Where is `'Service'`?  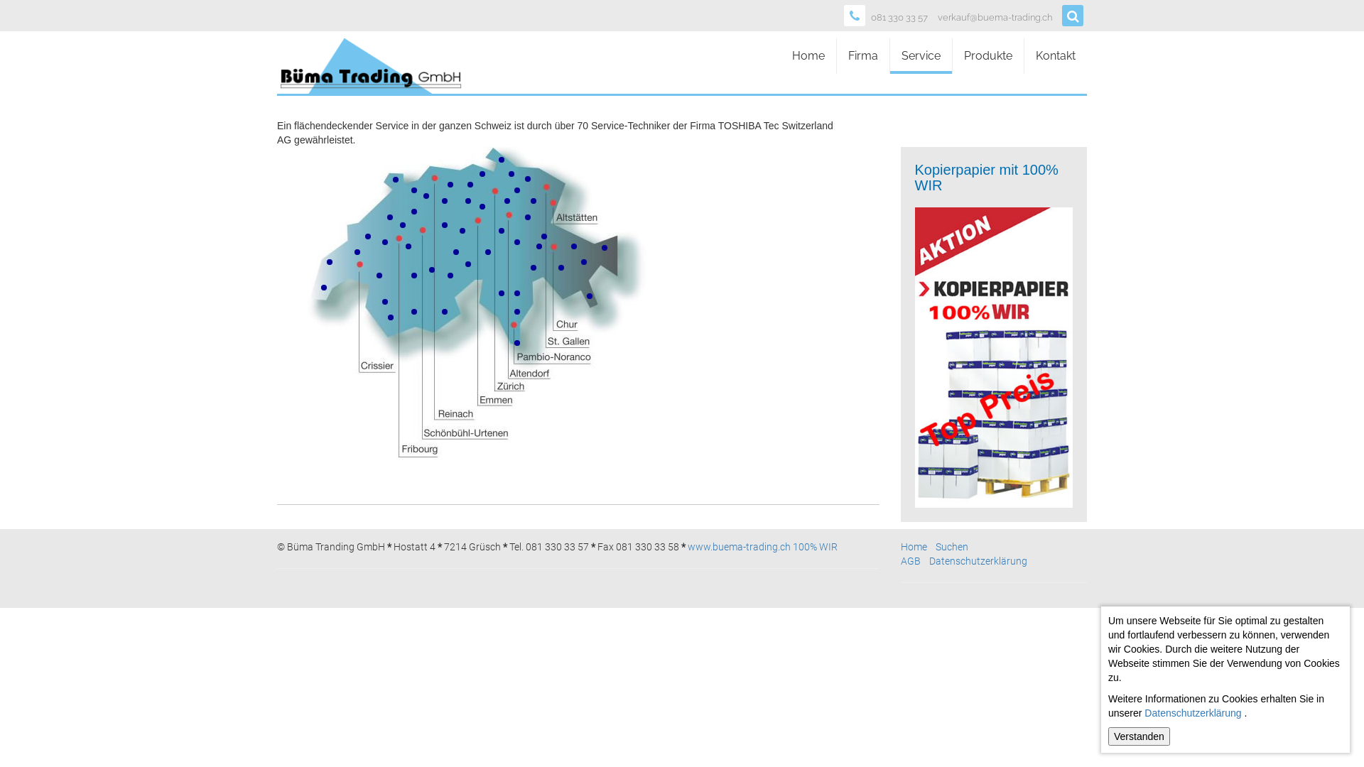
'Service' is located at coordinates (889, 55).